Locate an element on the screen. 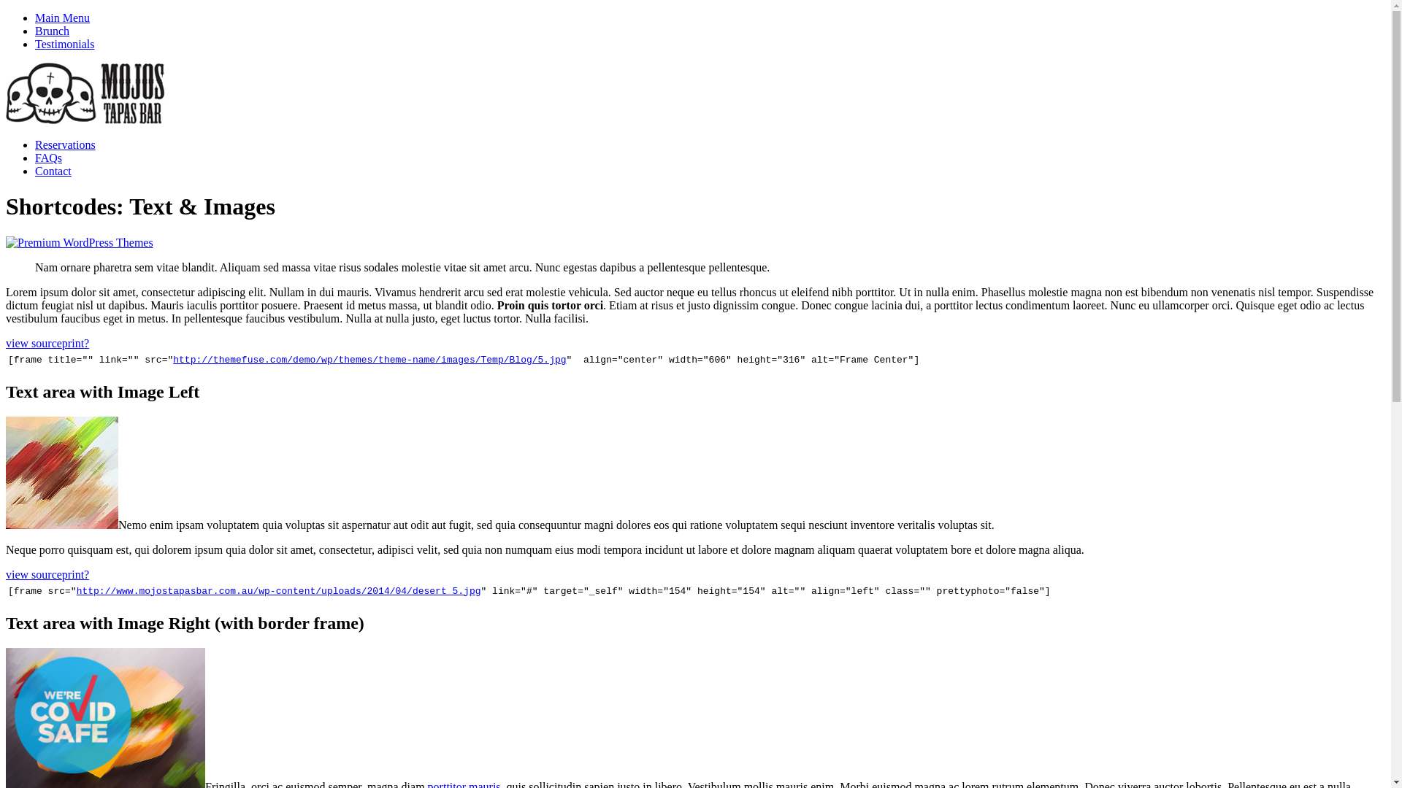 The height and width of the screenshot is (788, 1402). 'Brunch' is located at coordinates (52, 31).